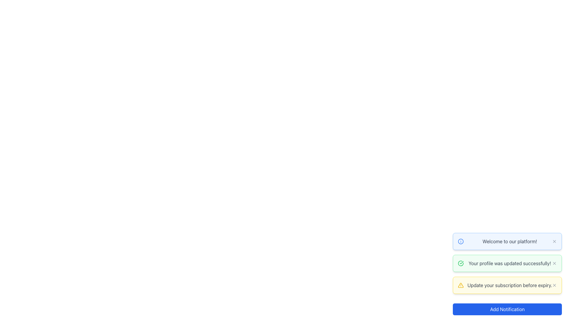 Image resolution: width=569 pixels, height=320 pixels. I want to click on the warning icon within the yellow-highlighted notification box that emphasizes the importance of the message regarding subscription expiry, so click(461, 285).